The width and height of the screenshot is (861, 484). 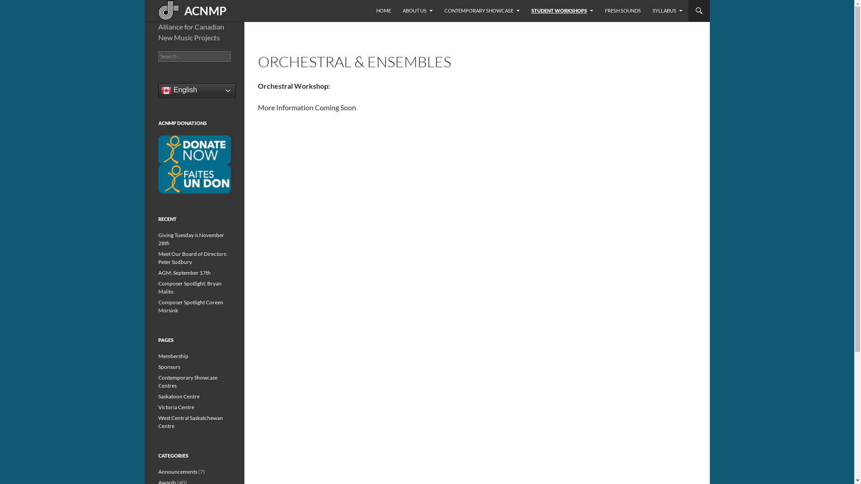 What do you see at coordinates (169, 367) in the screenshot?
I see `'Sponsors'` at bounding box center [169, 367].